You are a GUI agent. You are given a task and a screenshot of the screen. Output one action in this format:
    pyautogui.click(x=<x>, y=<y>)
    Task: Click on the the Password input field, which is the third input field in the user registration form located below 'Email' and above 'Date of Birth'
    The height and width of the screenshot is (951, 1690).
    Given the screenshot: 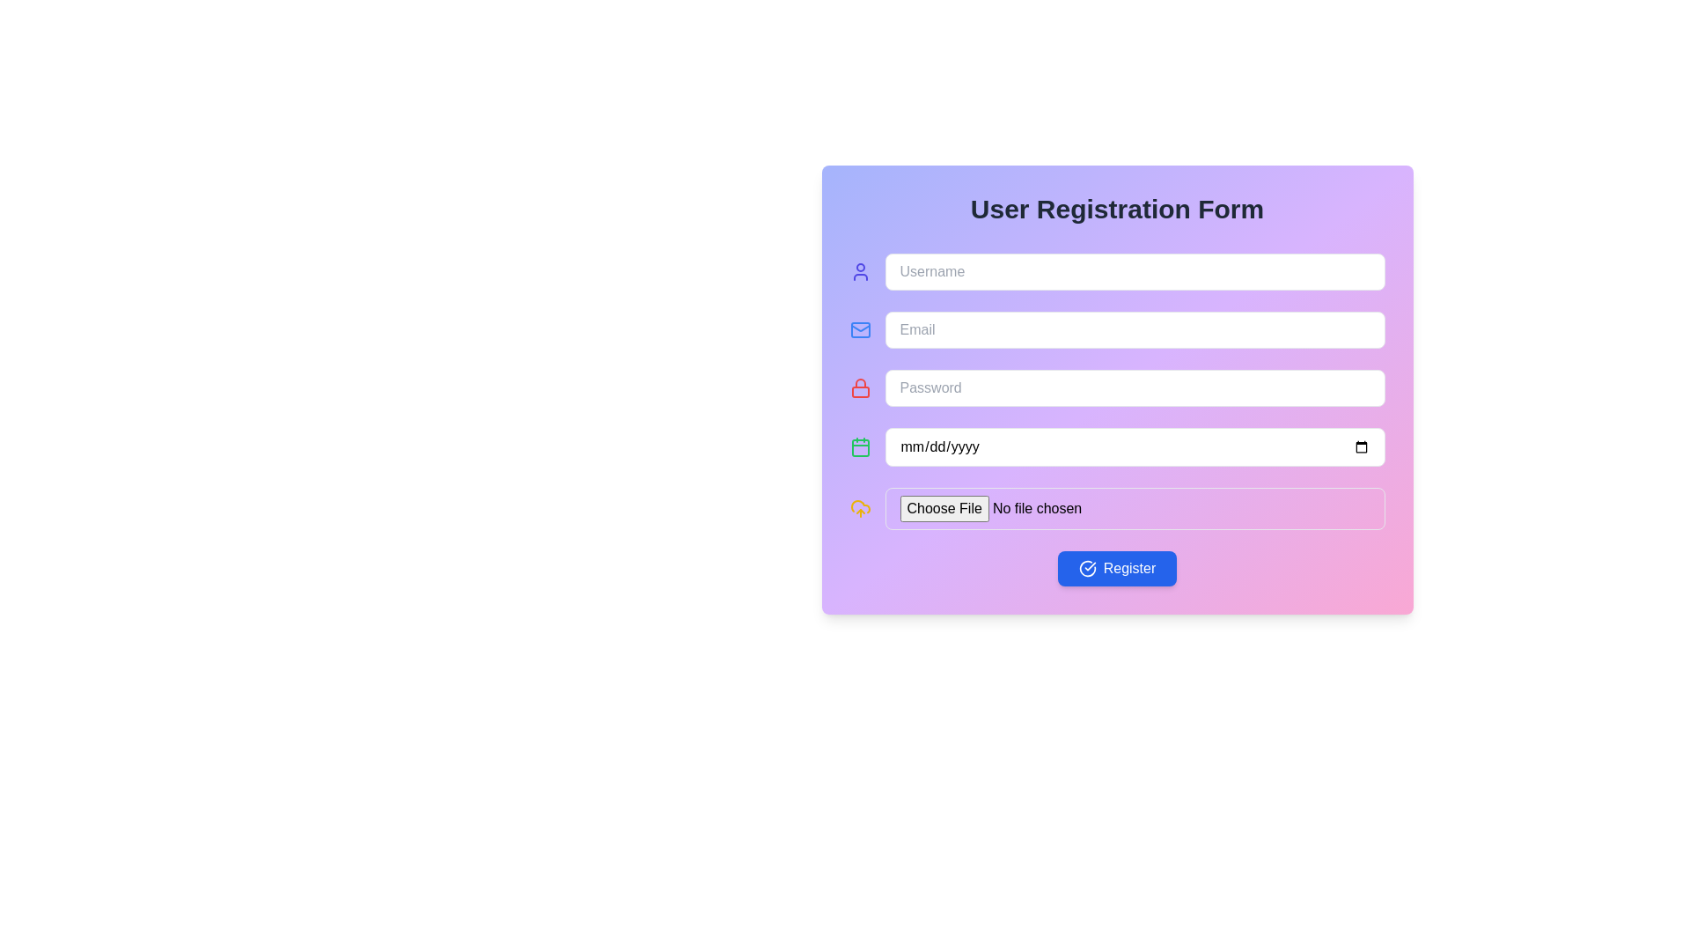 What is the action you would take?
    pyautogui.click(x=1116, y=387)
    